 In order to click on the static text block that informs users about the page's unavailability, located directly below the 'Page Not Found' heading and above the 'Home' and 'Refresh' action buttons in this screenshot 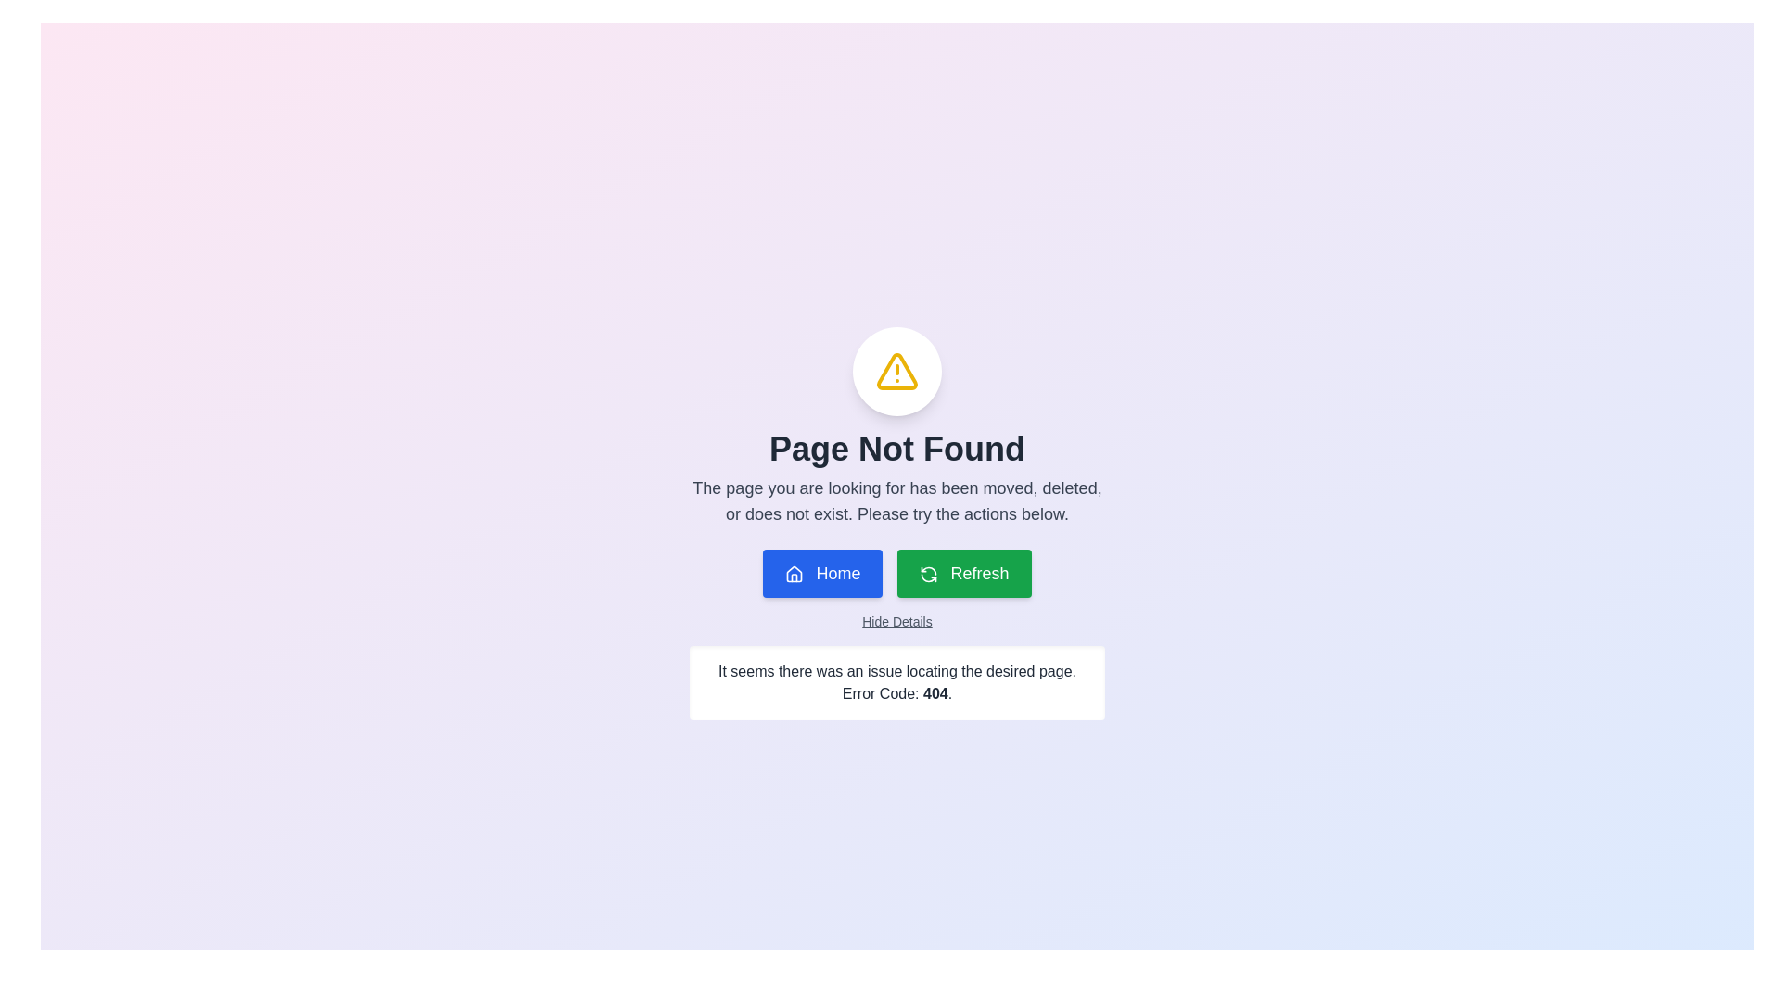, I will do `click(897, 500)`.